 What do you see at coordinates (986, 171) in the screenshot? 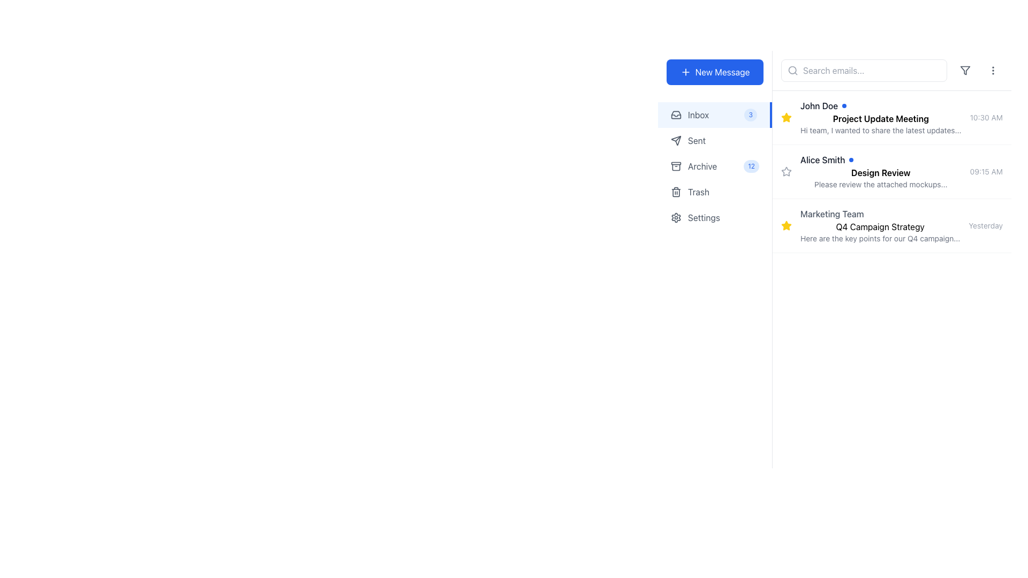
I see `timestamp displayed at the far-right end of the email entry from 'Alice Smith', indicating the time it was received` at bounding box center [986, 171].